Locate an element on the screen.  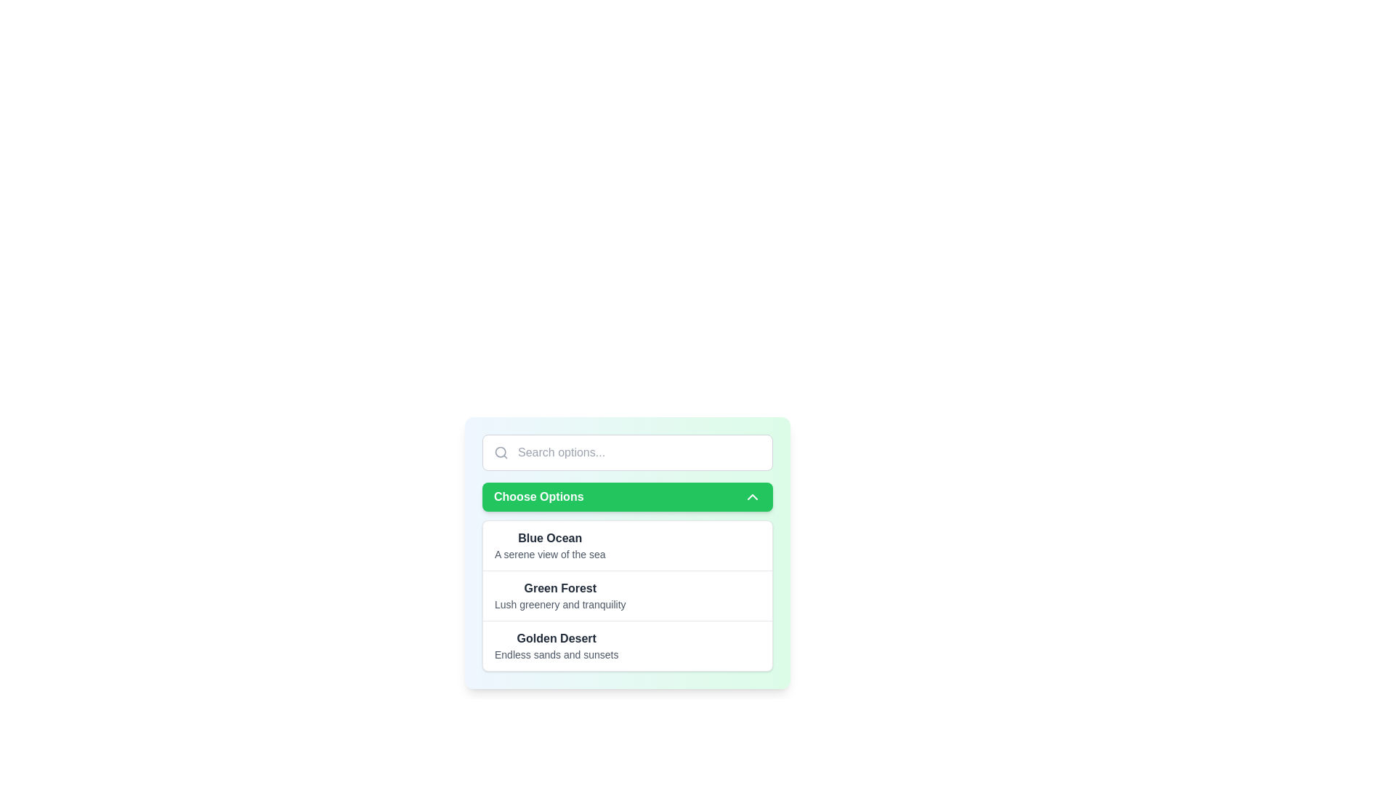
the 'Blue Ocean' text label, which is styled in bold dark gray on a light background and serves as the primary heading in the dropdown menu panel is located at coordinates (549, 538).